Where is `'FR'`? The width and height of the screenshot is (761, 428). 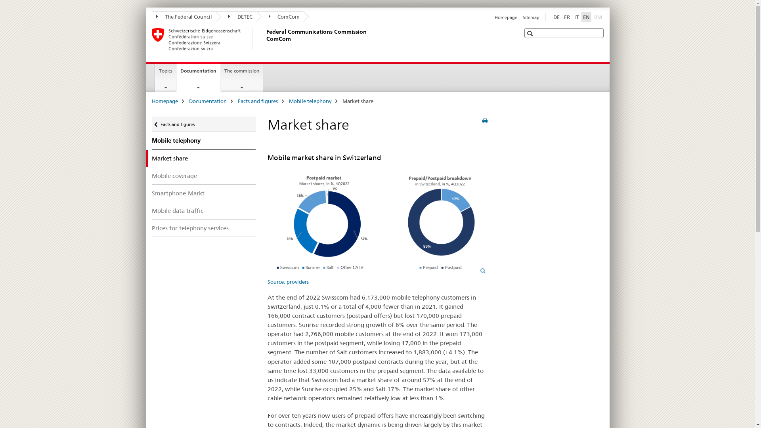
'FR' is located at coordinates (561, 17).